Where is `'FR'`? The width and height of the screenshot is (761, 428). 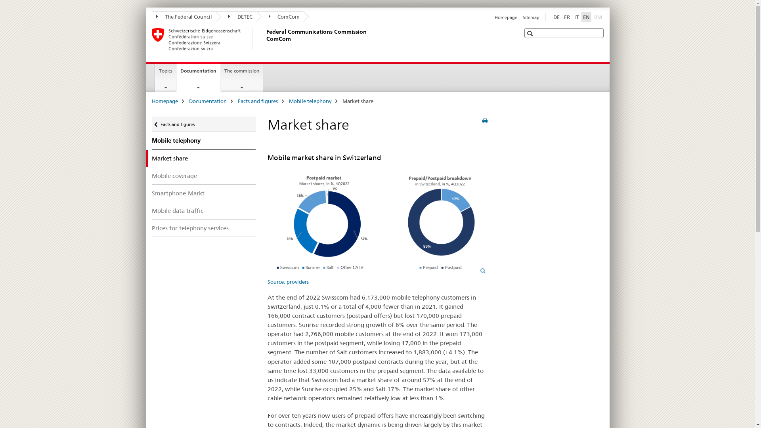
'FR' is located at coordinates (561, 17).